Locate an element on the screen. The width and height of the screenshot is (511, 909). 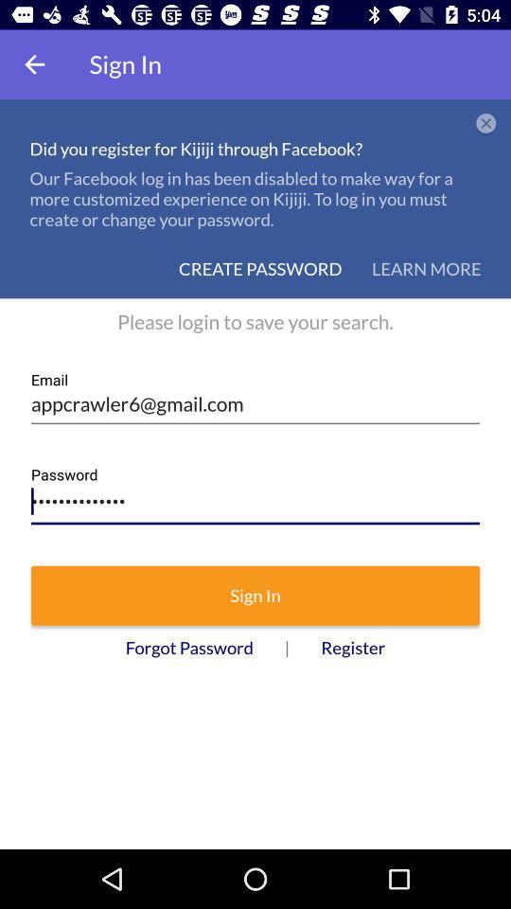
the close icon is located at coordinates (485, 123).